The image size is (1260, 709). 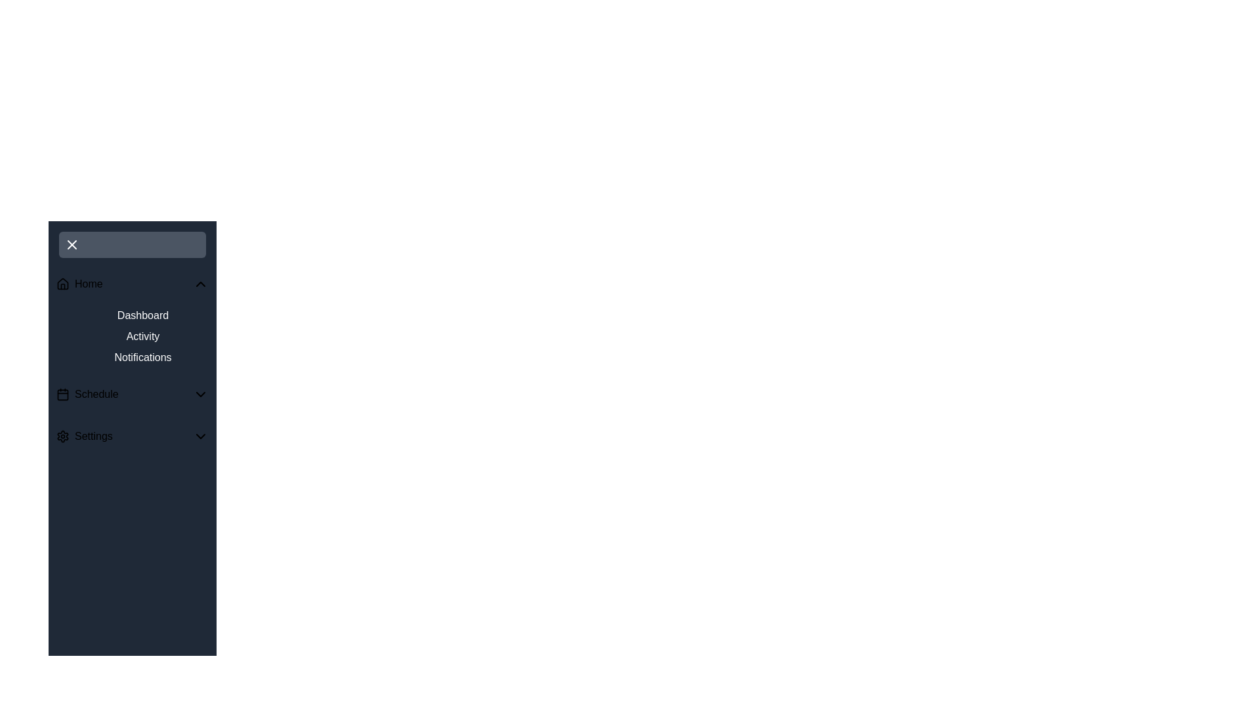 I want to click on the close or toggle icon located at the top-left section of the interface, within a button component, so click(x=72, y=245).